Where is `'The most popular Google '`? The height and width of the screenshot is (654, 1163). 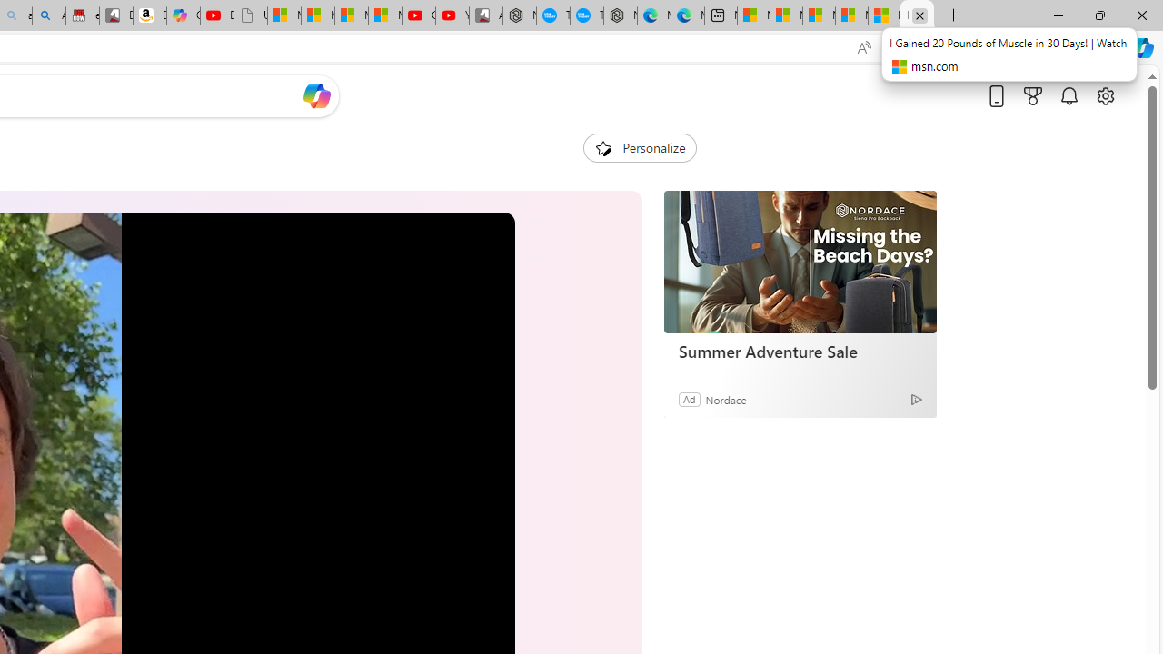 'The most popular Google ' is located at coordinates (587, 15).